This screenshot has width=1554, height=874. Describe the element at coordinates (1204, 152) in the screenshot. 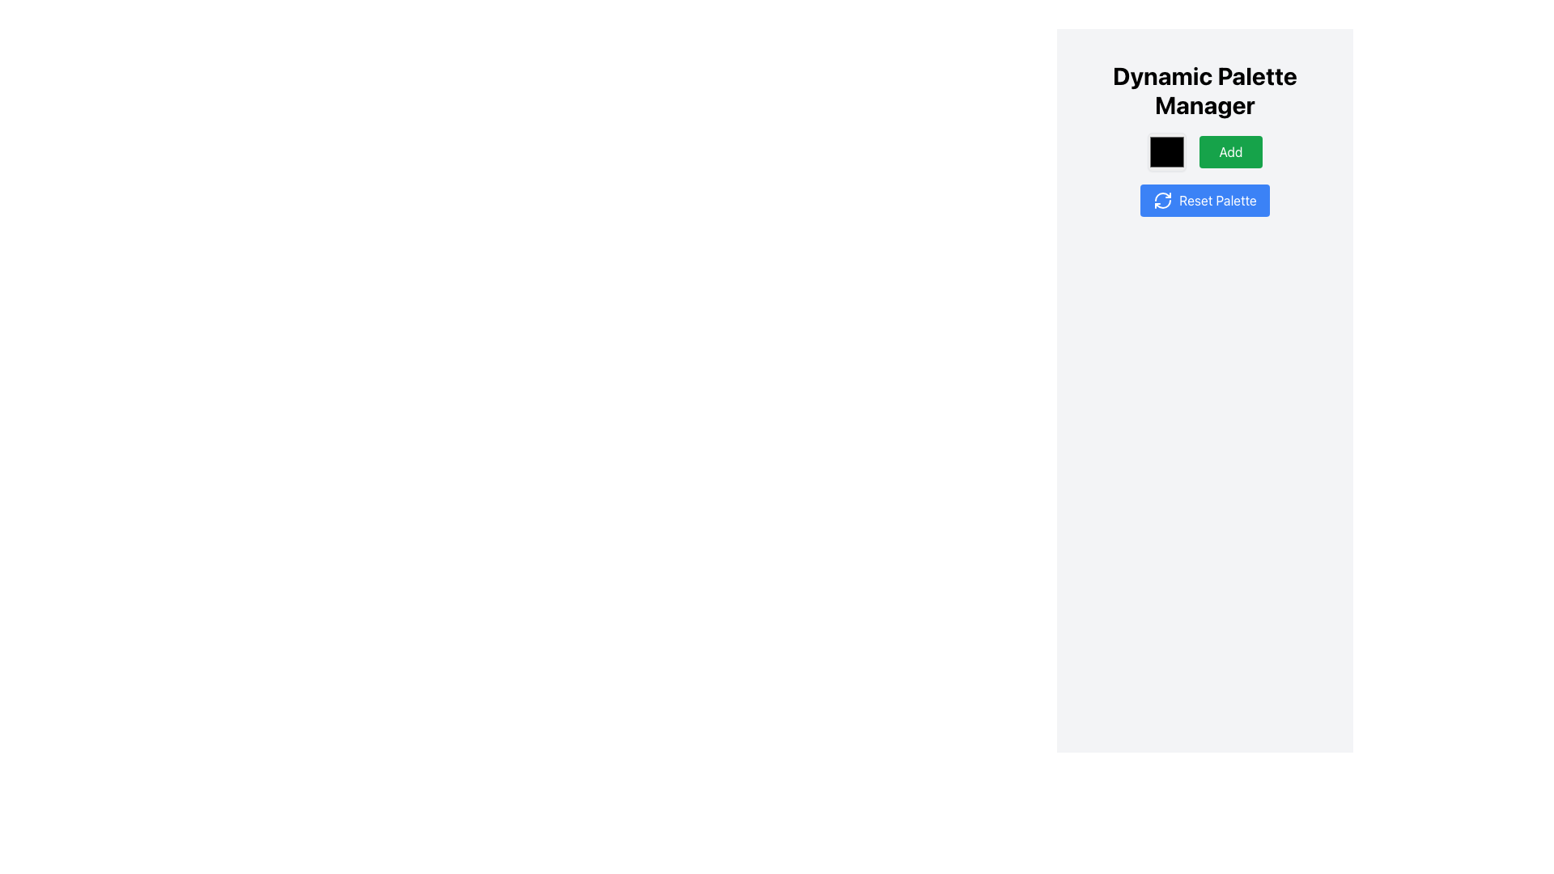

I see `the button for adding a new palette or color selection located under the 'Dynamic Palette Manager' heading` at that location.